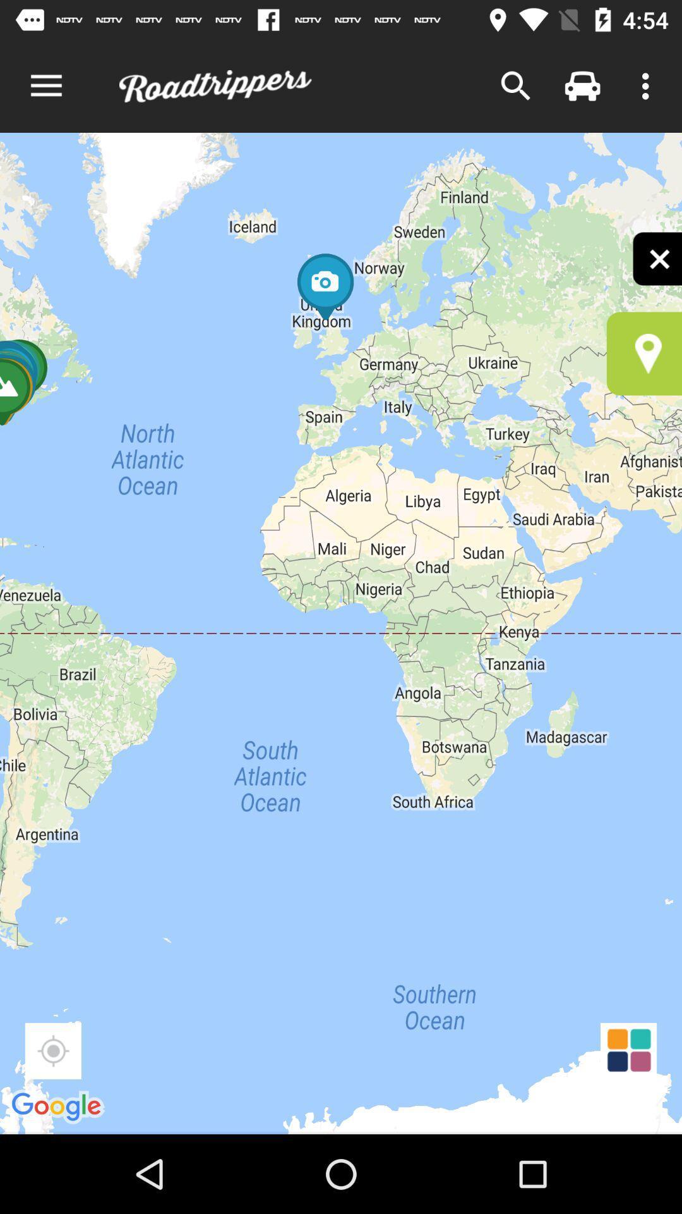 The height and width of the screenshot is (1214, 682). Describe the element at coordinates (628, 1051) in the screenshot. I see `the item at the bottom right corner` at that location.